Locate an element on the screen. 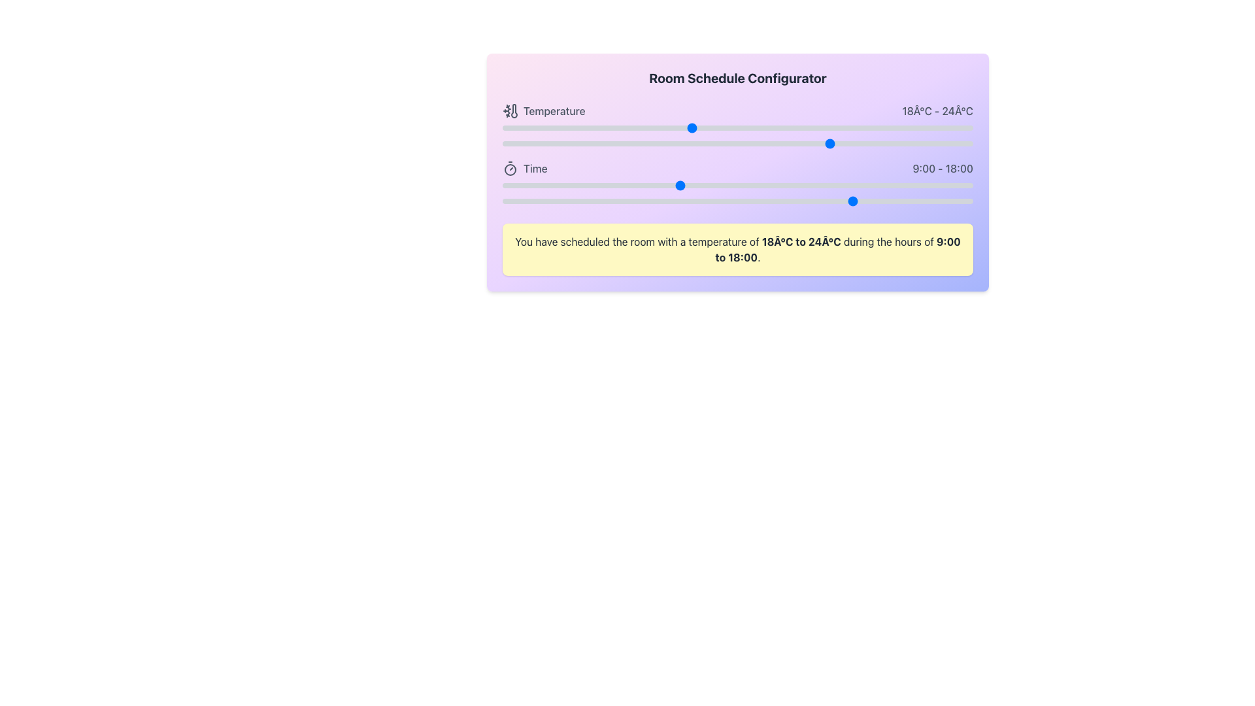 This screenshot has height=706, width=1255. the Text Display or Notification Box that shows the message 'You have scheduled the room with a temperature of 18°C to 24°C during the hours of 9:00 to 18:00.' with a yellow background is located at coordinates (737, 249).